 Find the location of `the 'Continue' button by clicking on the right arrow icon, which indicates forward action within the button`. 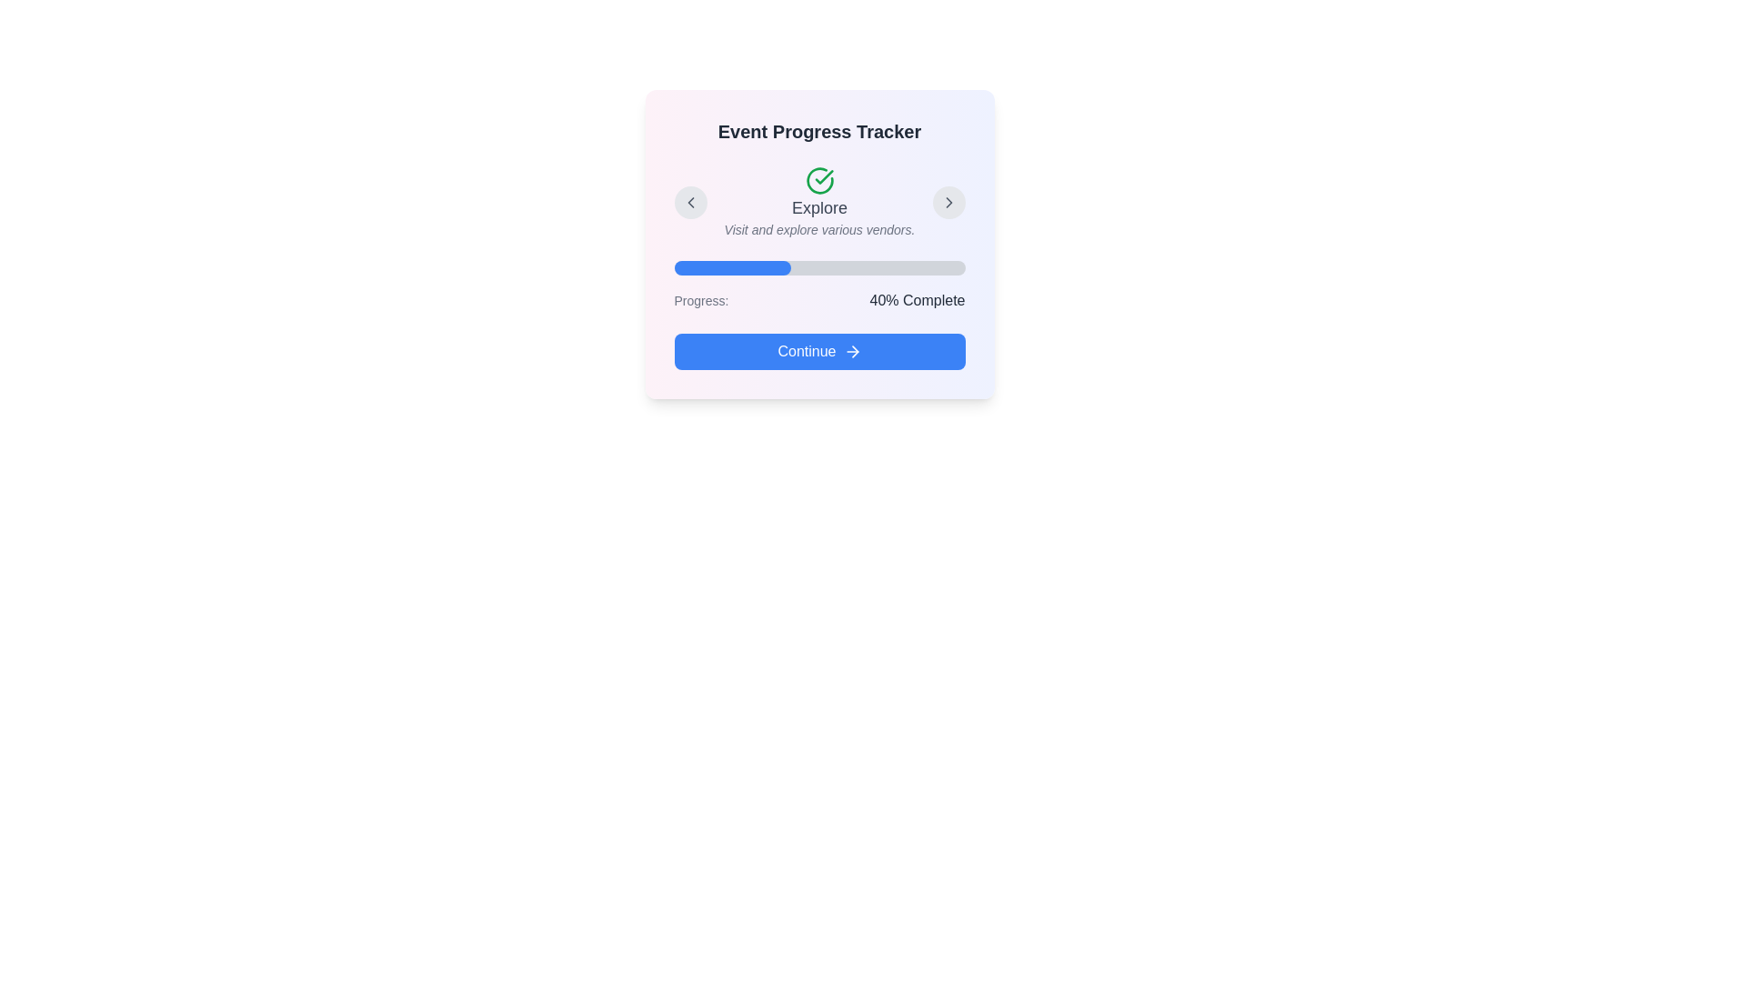

the 'Continue' button by clicking on the right arrow icon, which indicates forward action within the button is located at coordinates (854, 351).